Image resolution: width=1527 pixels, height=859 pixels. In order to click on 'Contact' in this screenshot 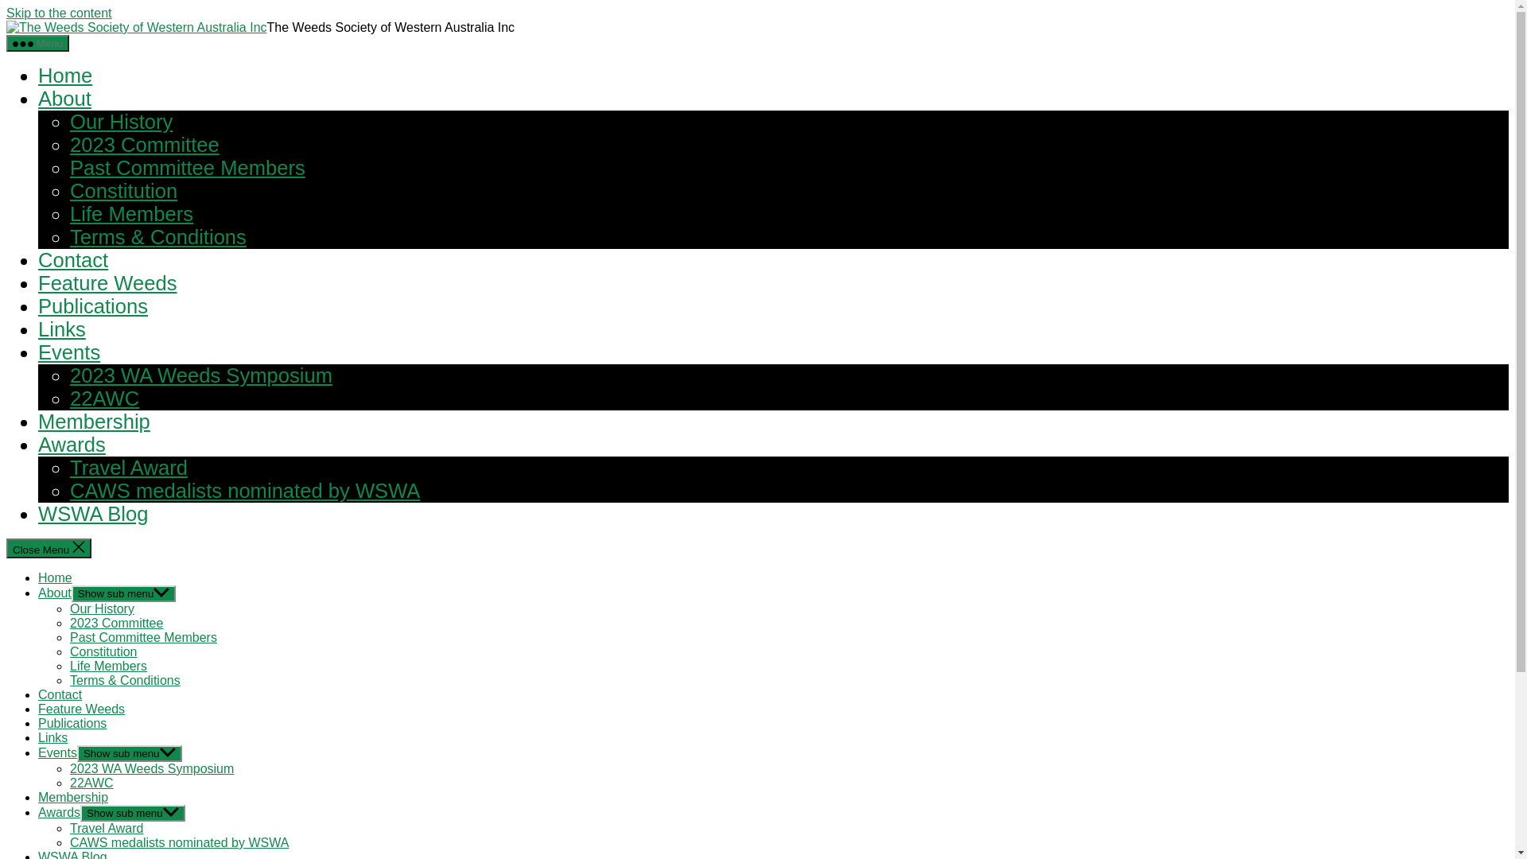, I will do `click(72, 259)`.